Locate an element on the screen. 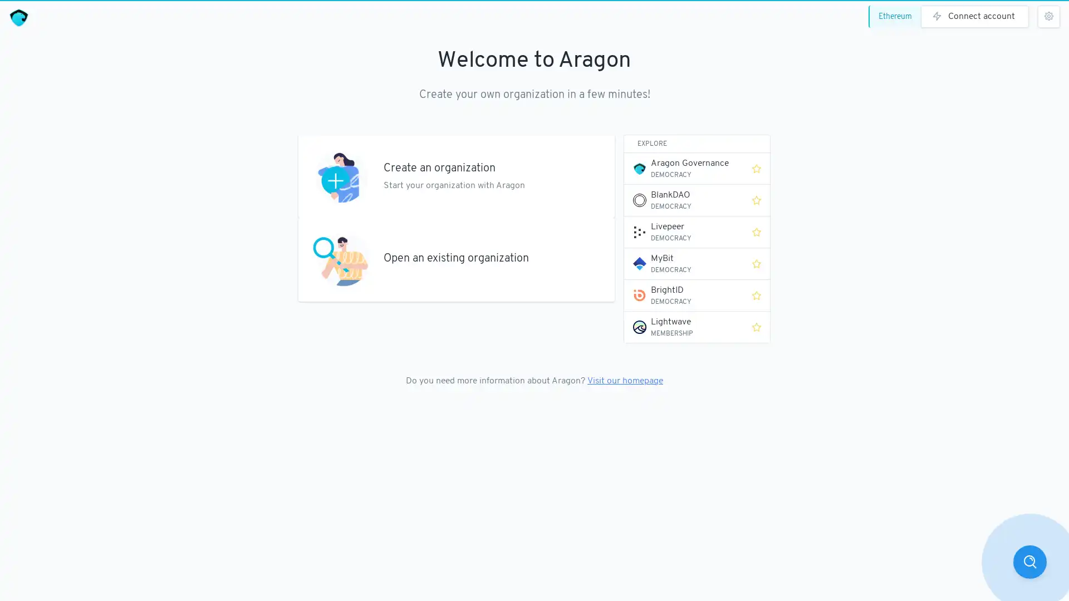 The height and width of the screenshot is (601, 1069). Open an existing organization is located at coordinates (457, 259).